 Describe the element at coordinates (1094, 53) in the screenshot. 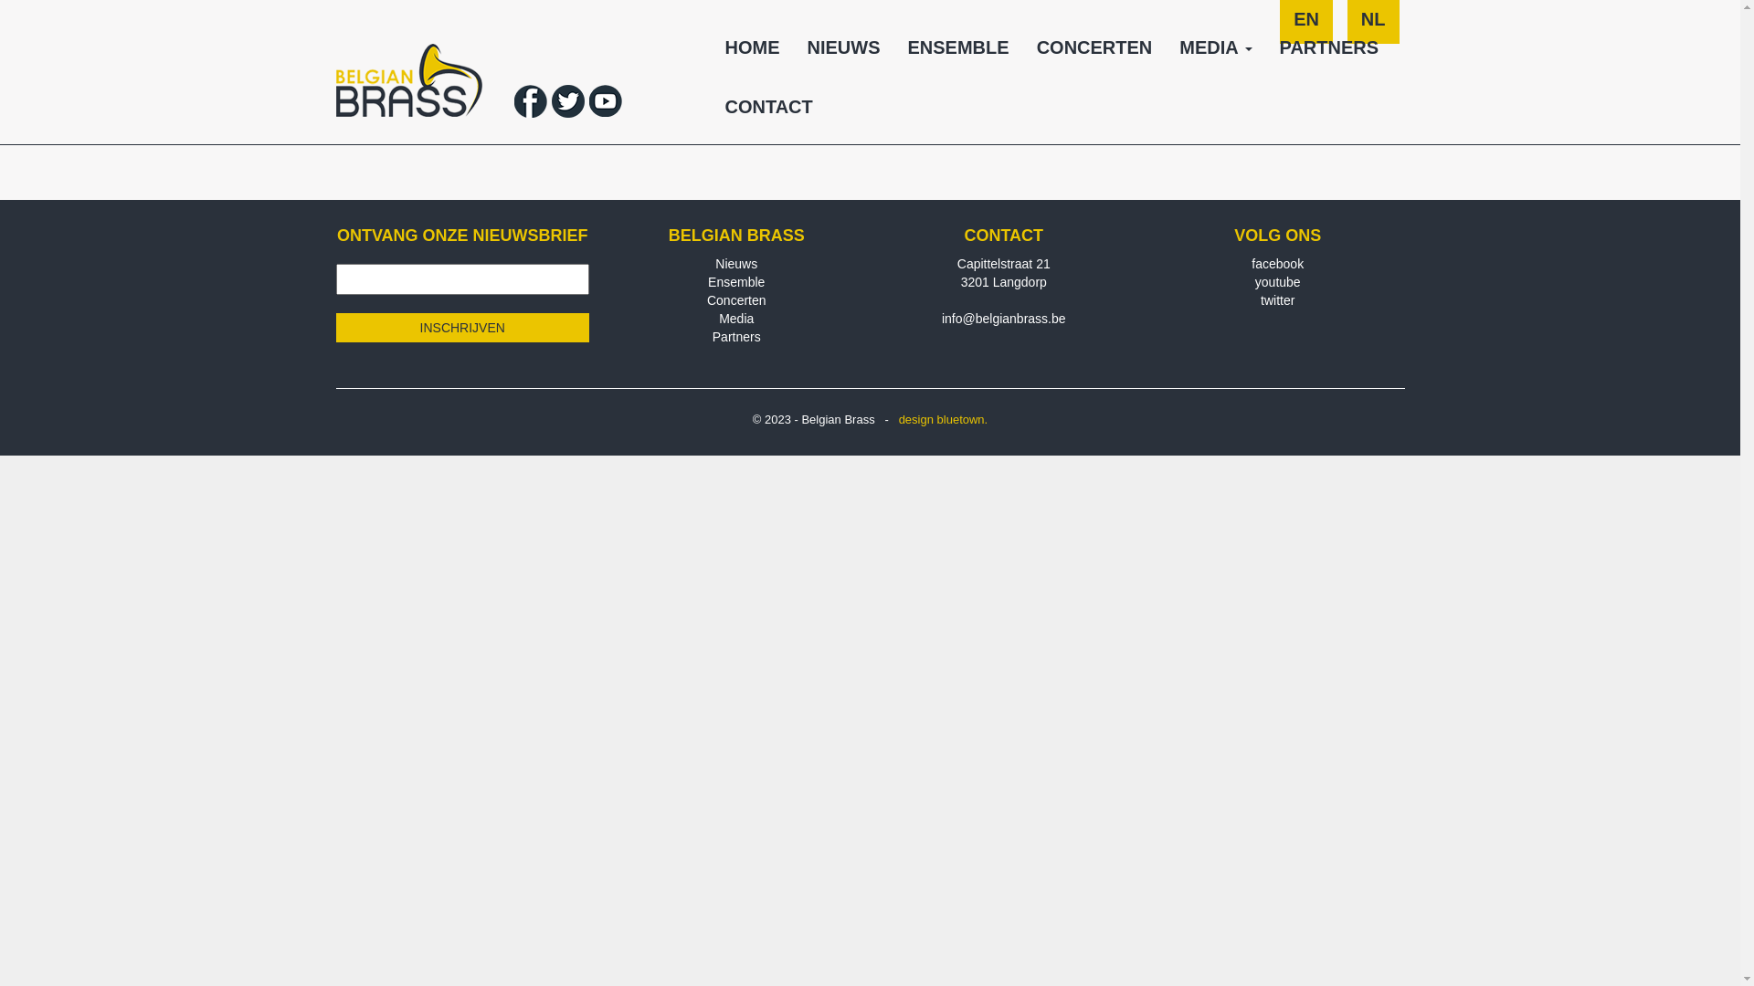

I see `'CONCERTEN'` at that location.